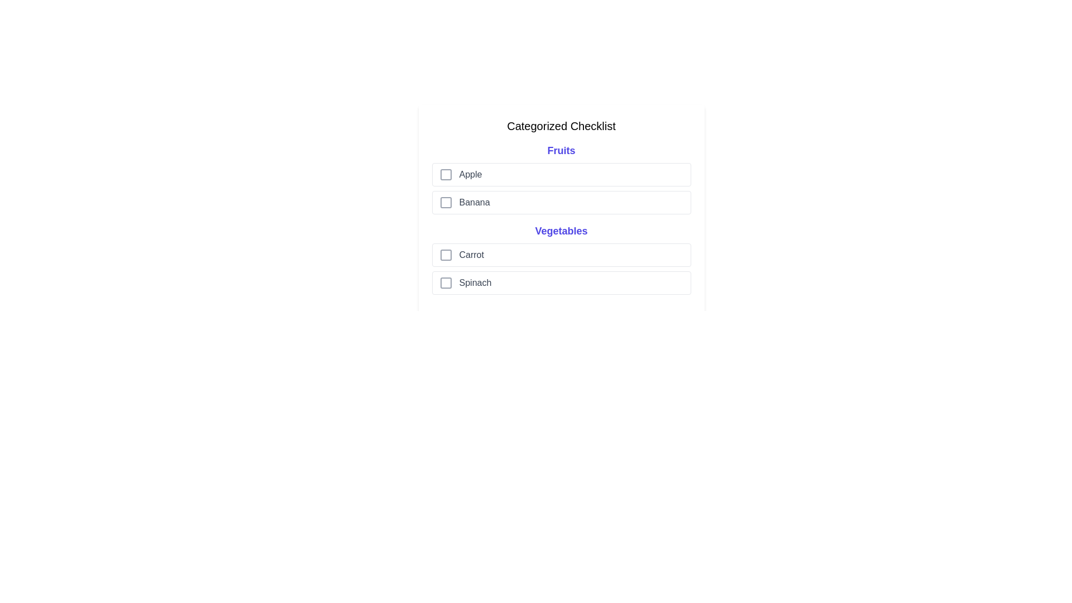 Image resolution: width=1072 pixels, height=603 pixels. Describe the element at coordinates (561, 178) in the screenshot. I see `the checkboxes in the 'Fruits' section of the Checklist to select items` at that location.